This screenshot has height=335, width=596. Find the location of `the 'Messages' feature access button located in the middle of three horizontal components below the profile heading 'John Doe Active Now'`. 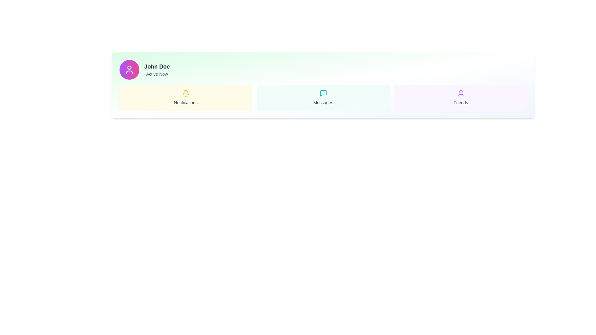

the 'Messages' feature access button located in the middle of three horizontal components below the profile heading 'John Doe Active Now' is located at coordinates (323, 98).